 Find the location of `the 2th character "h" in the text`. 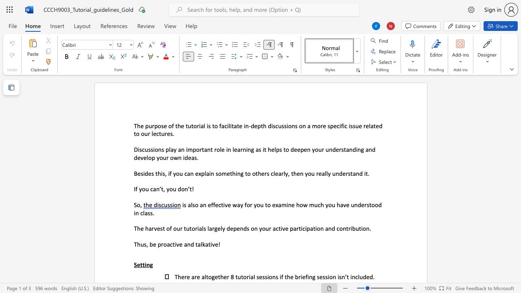

the 2th character "h" in the text is located at coordinates (147, 228).